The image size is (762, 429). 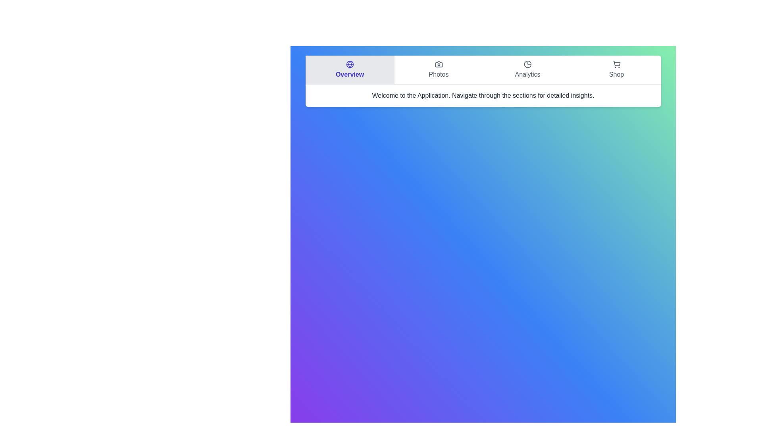 What do you see at coordinates (483, 70) in the screenshot?
I see `the 'Overview' section of the navigation bar` at bounding box center [483, 70].